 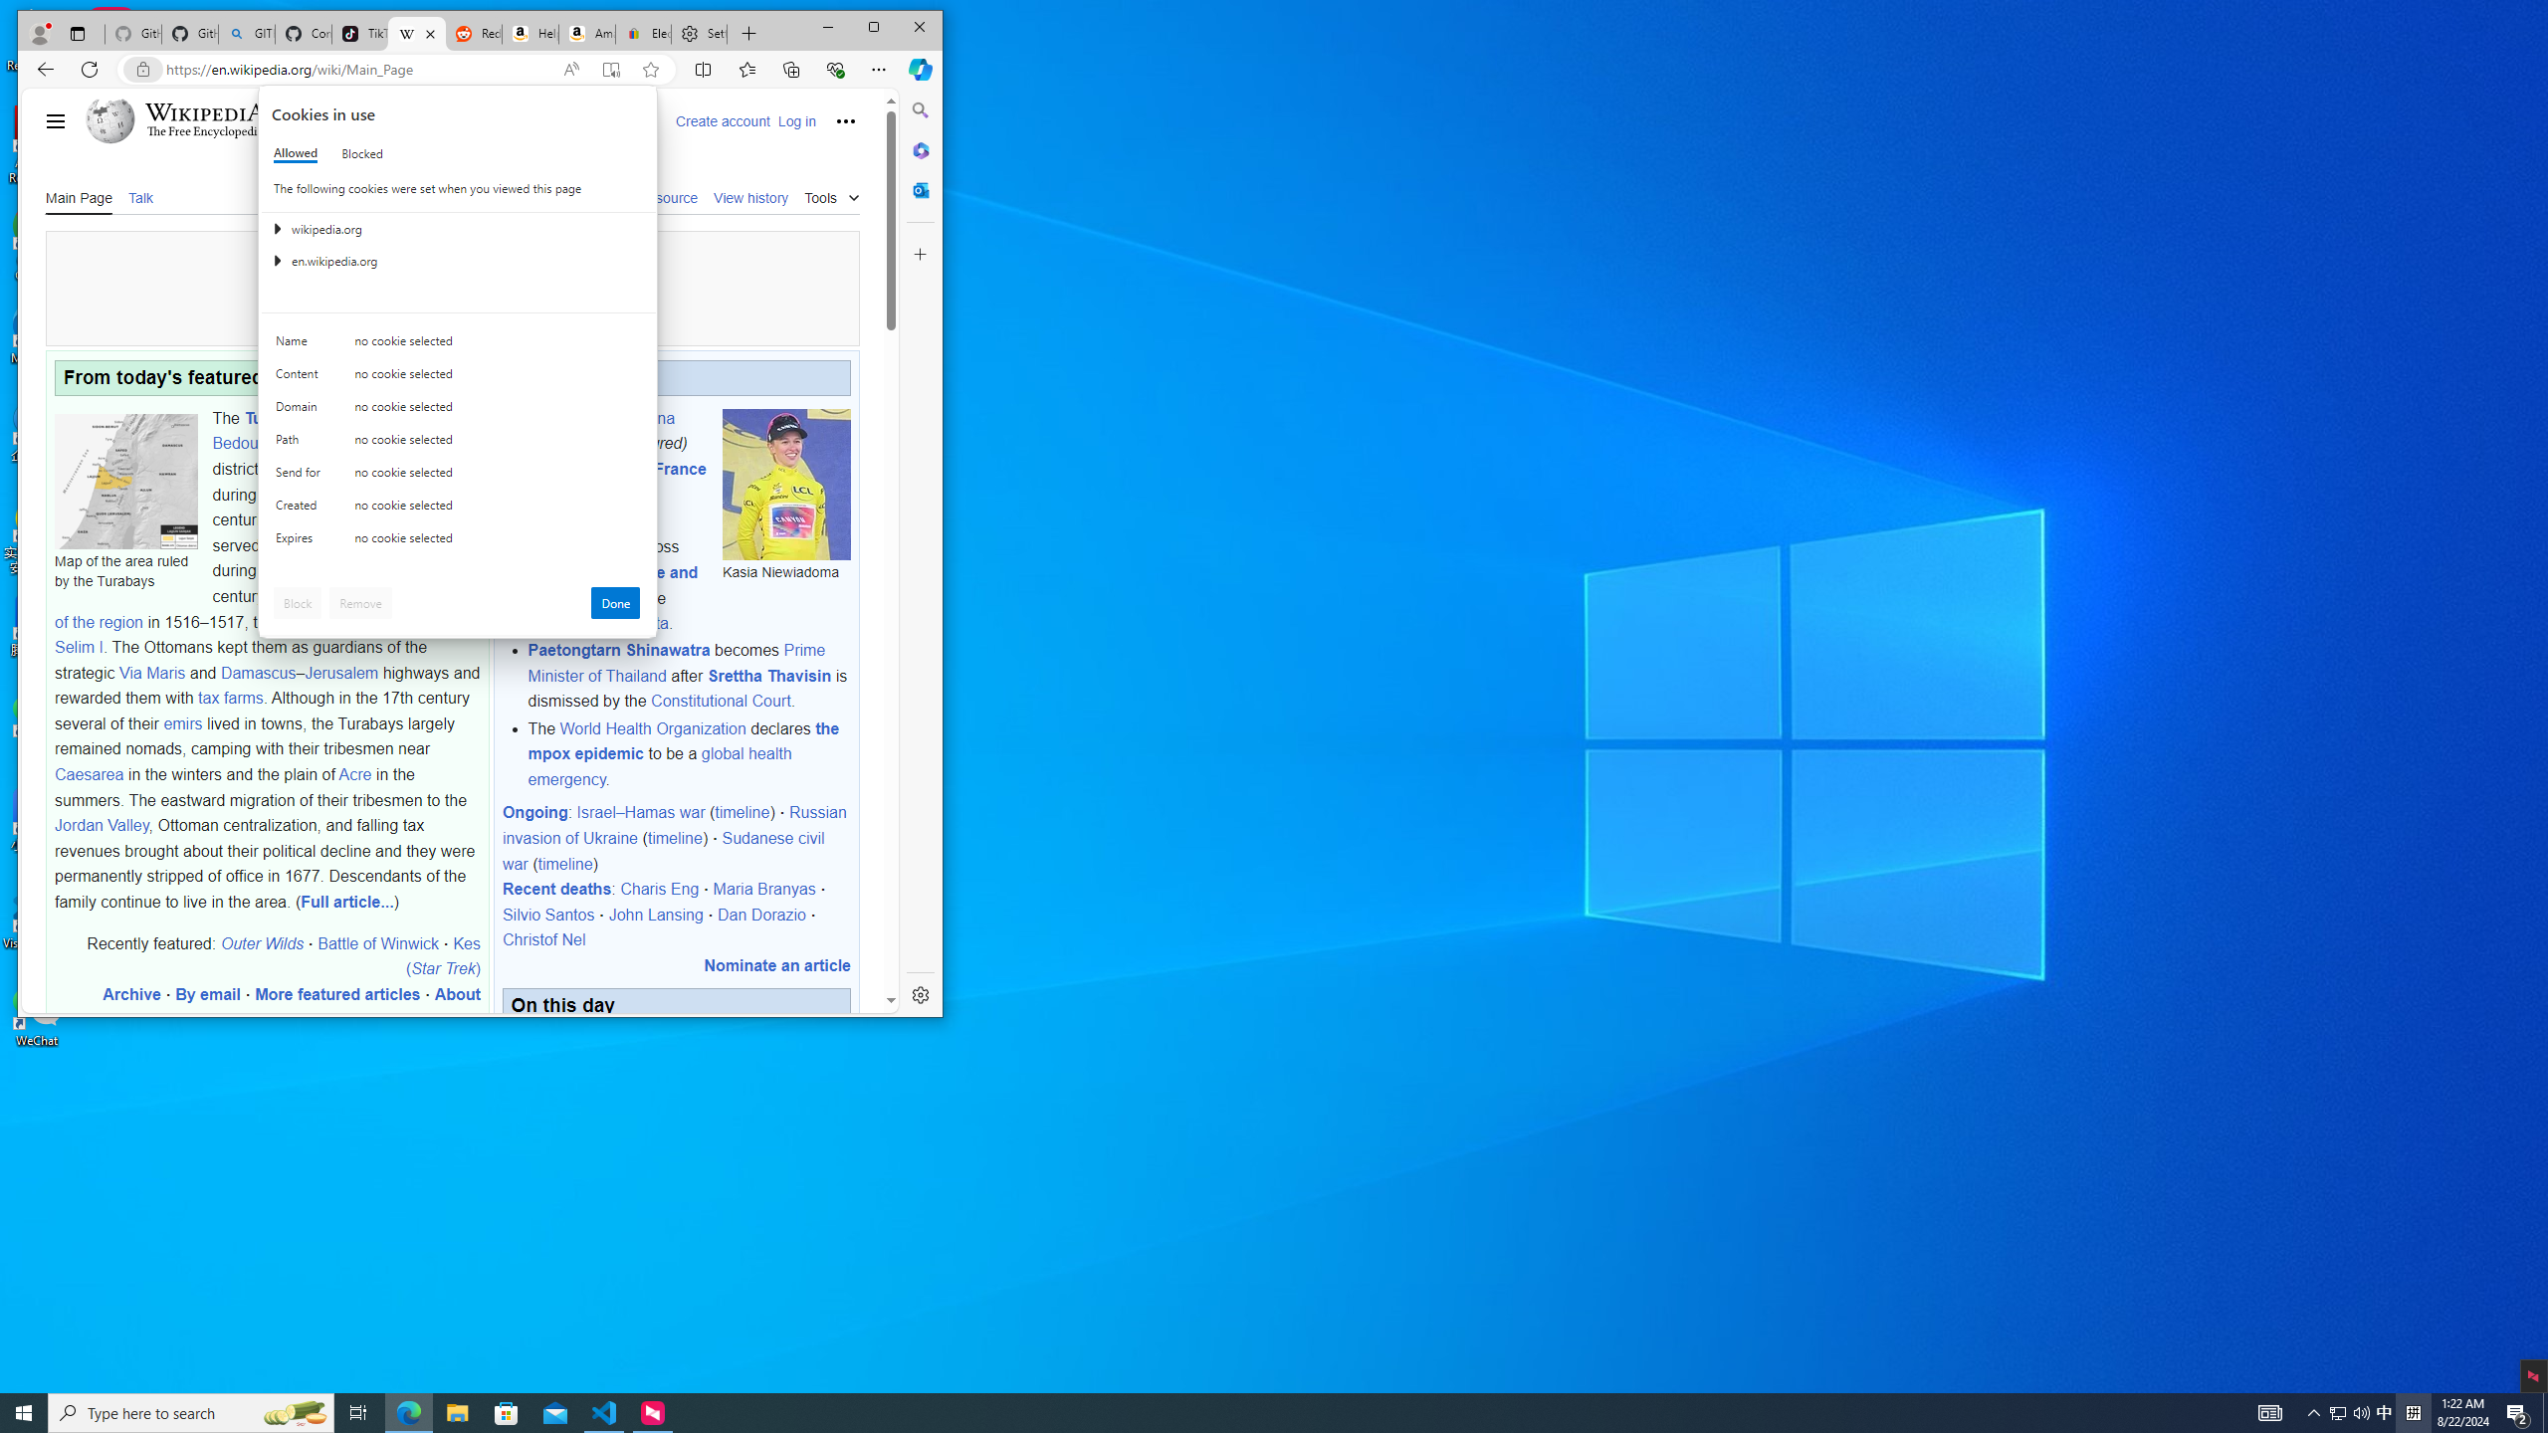 What do you see at coordinates (2268, 1411) in the screenshot?
I see `'AutomationID: 4105'` at bounding box center [2268, 1411].